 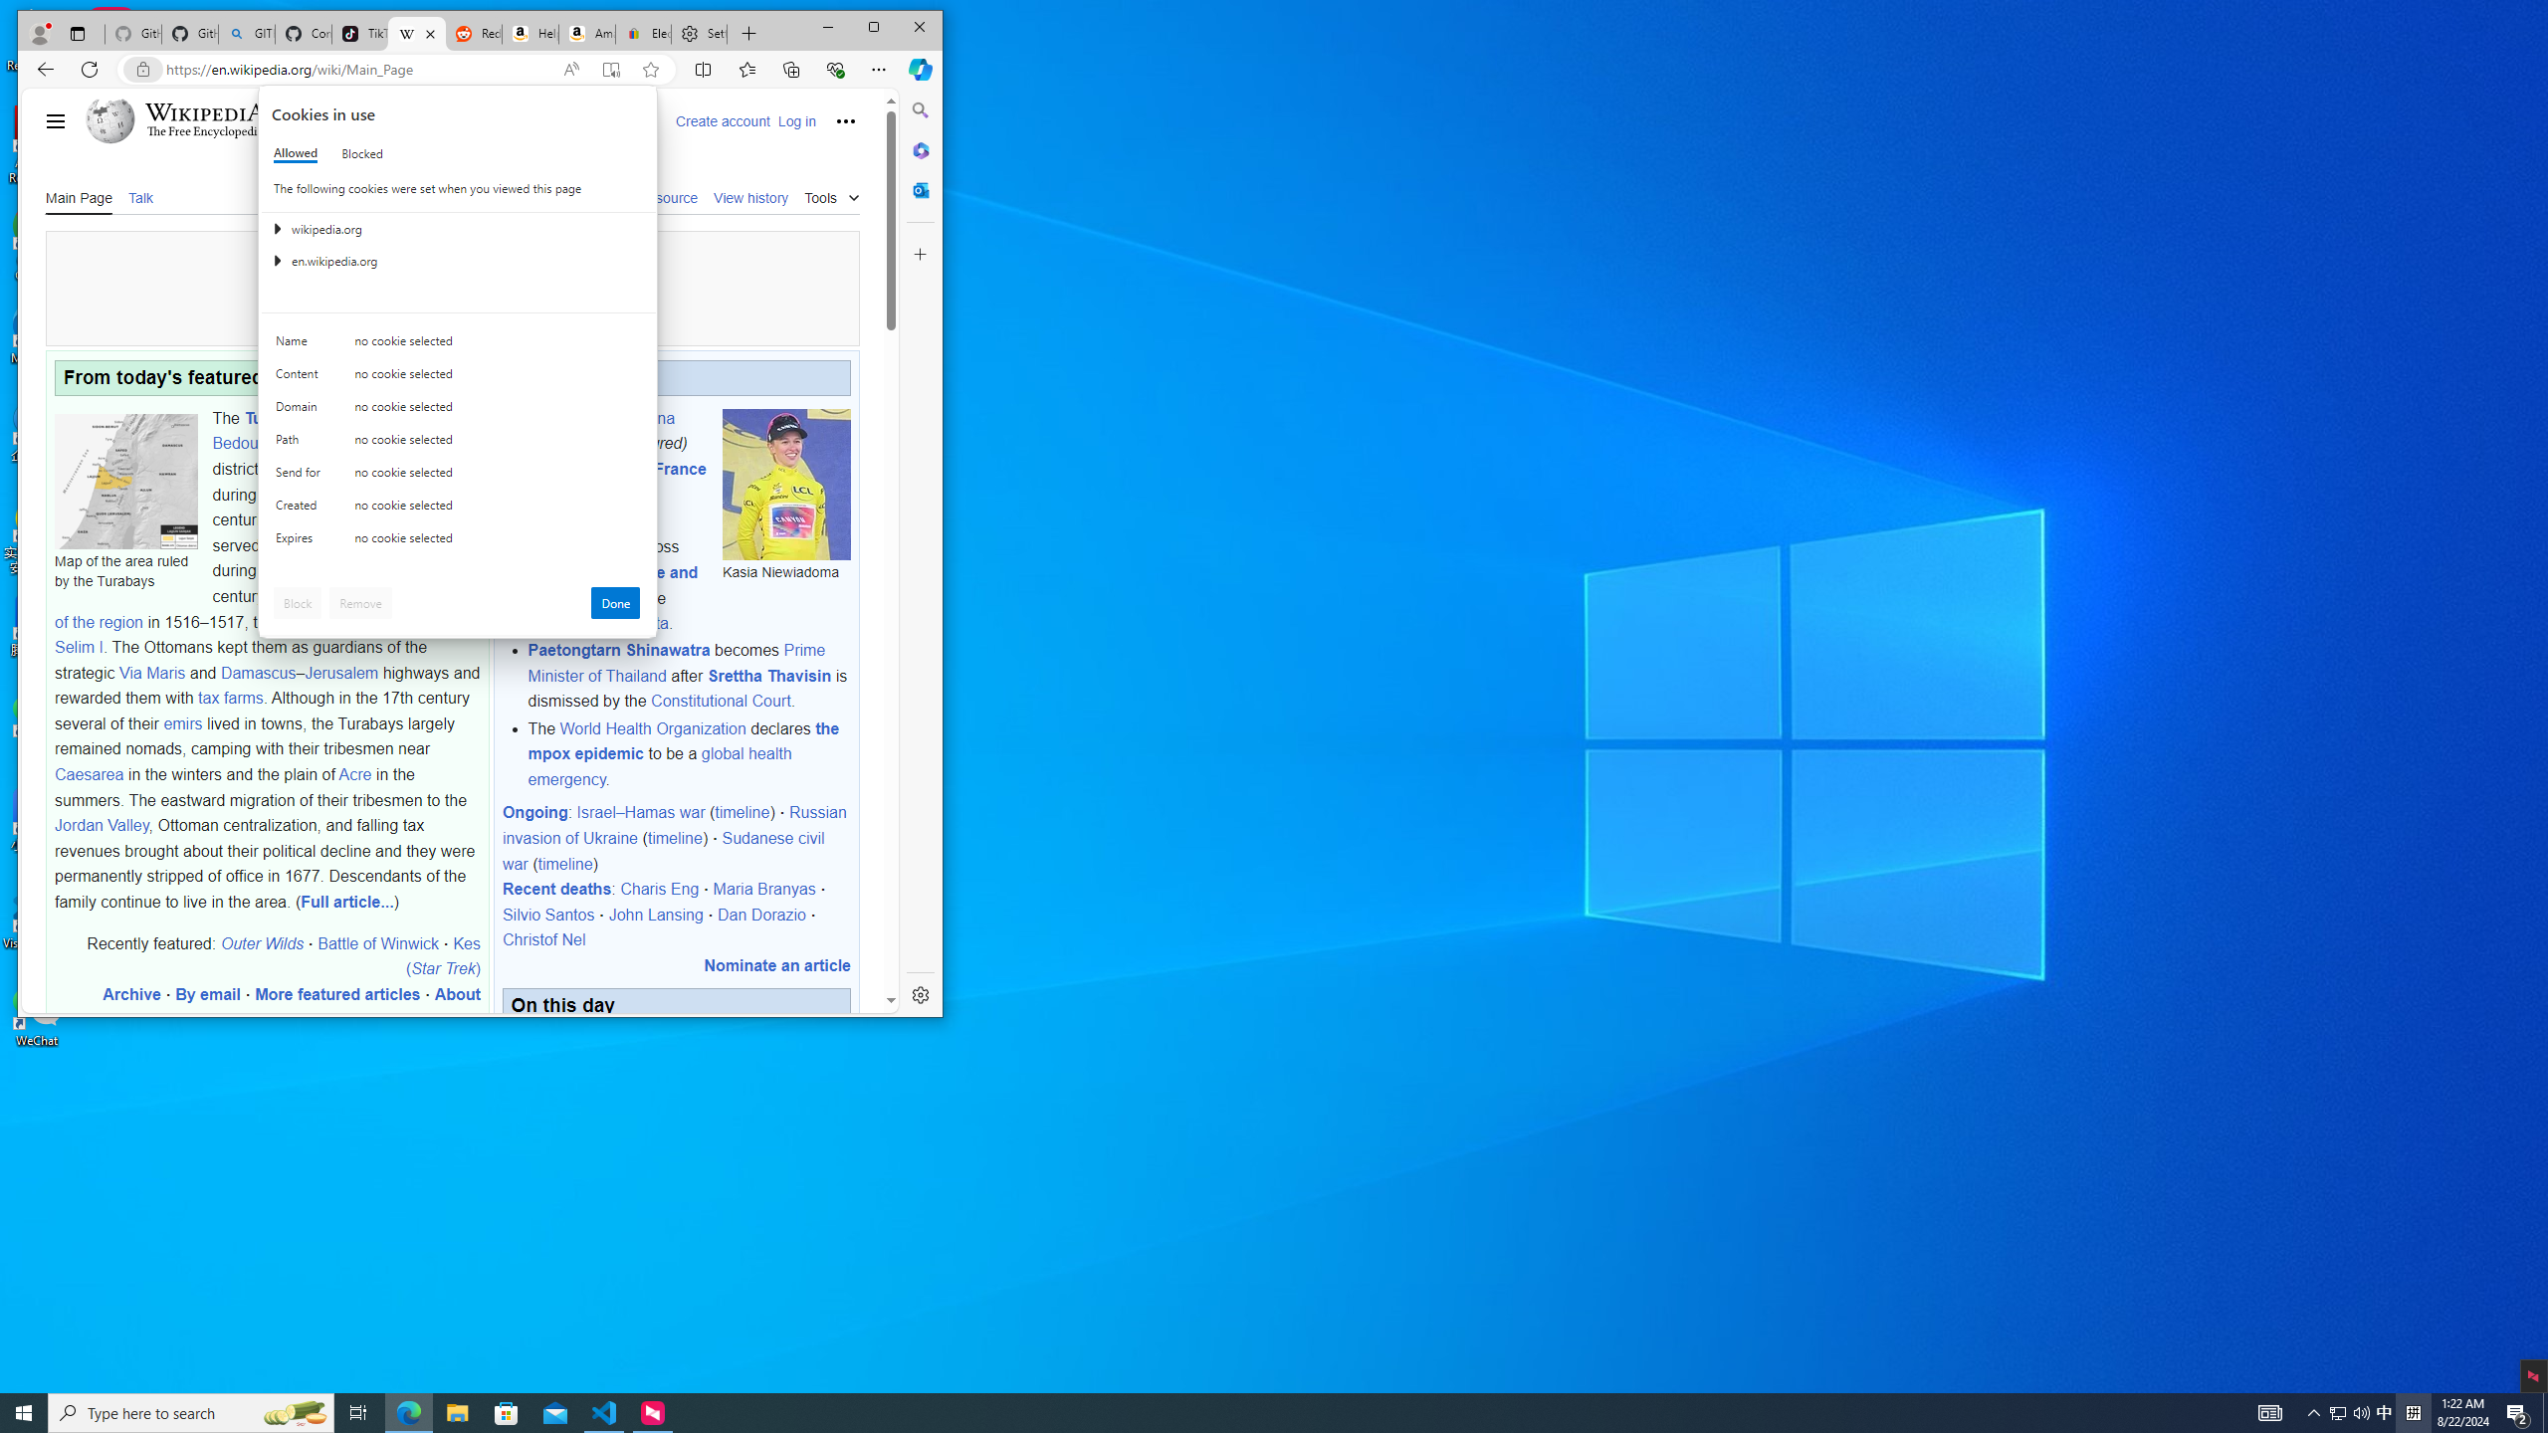 What do you see at coordinates (2268, 1411) in the screenshot?
I see `'AutomationID: 4105'` at bounding box center [2268, 1411].